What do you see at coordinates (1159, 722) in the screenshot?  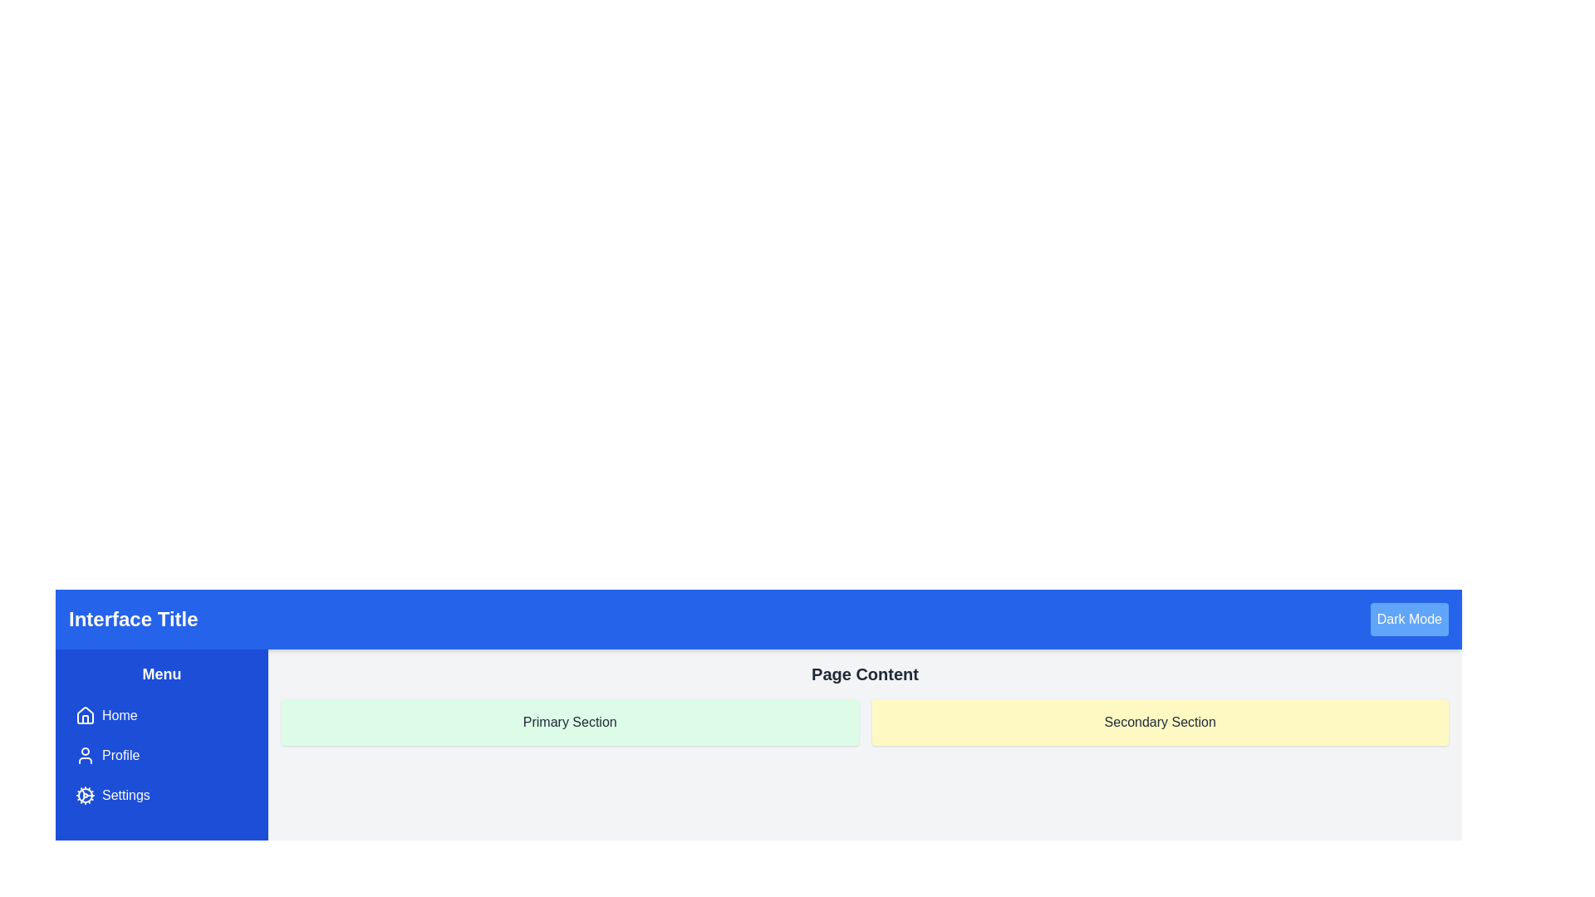 I see `the rectangular section with a yellow background and rounded corners that contains the centered text 'Secondary Section'` at bounding box center [1159, 722].